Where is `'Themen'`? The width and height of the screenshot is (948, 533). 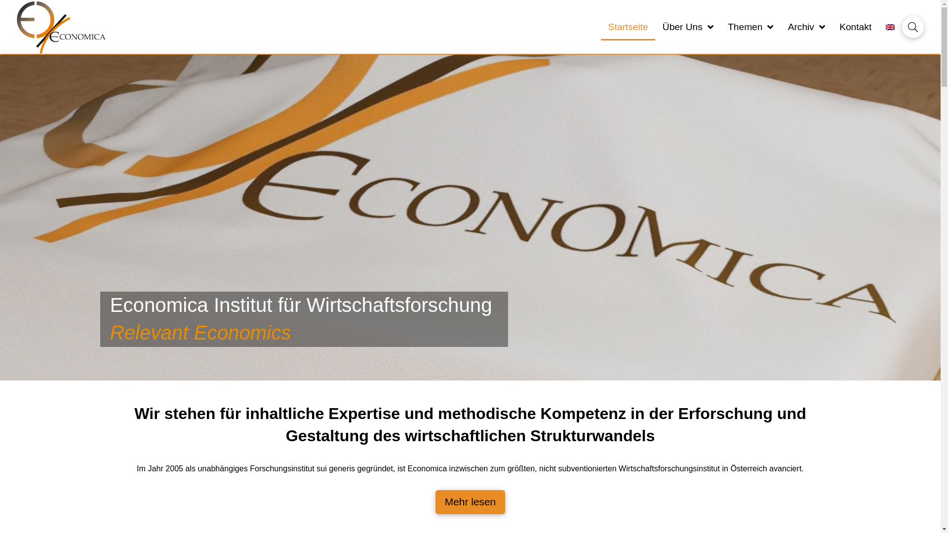
'Themen' is located at coordinates (720, 27).